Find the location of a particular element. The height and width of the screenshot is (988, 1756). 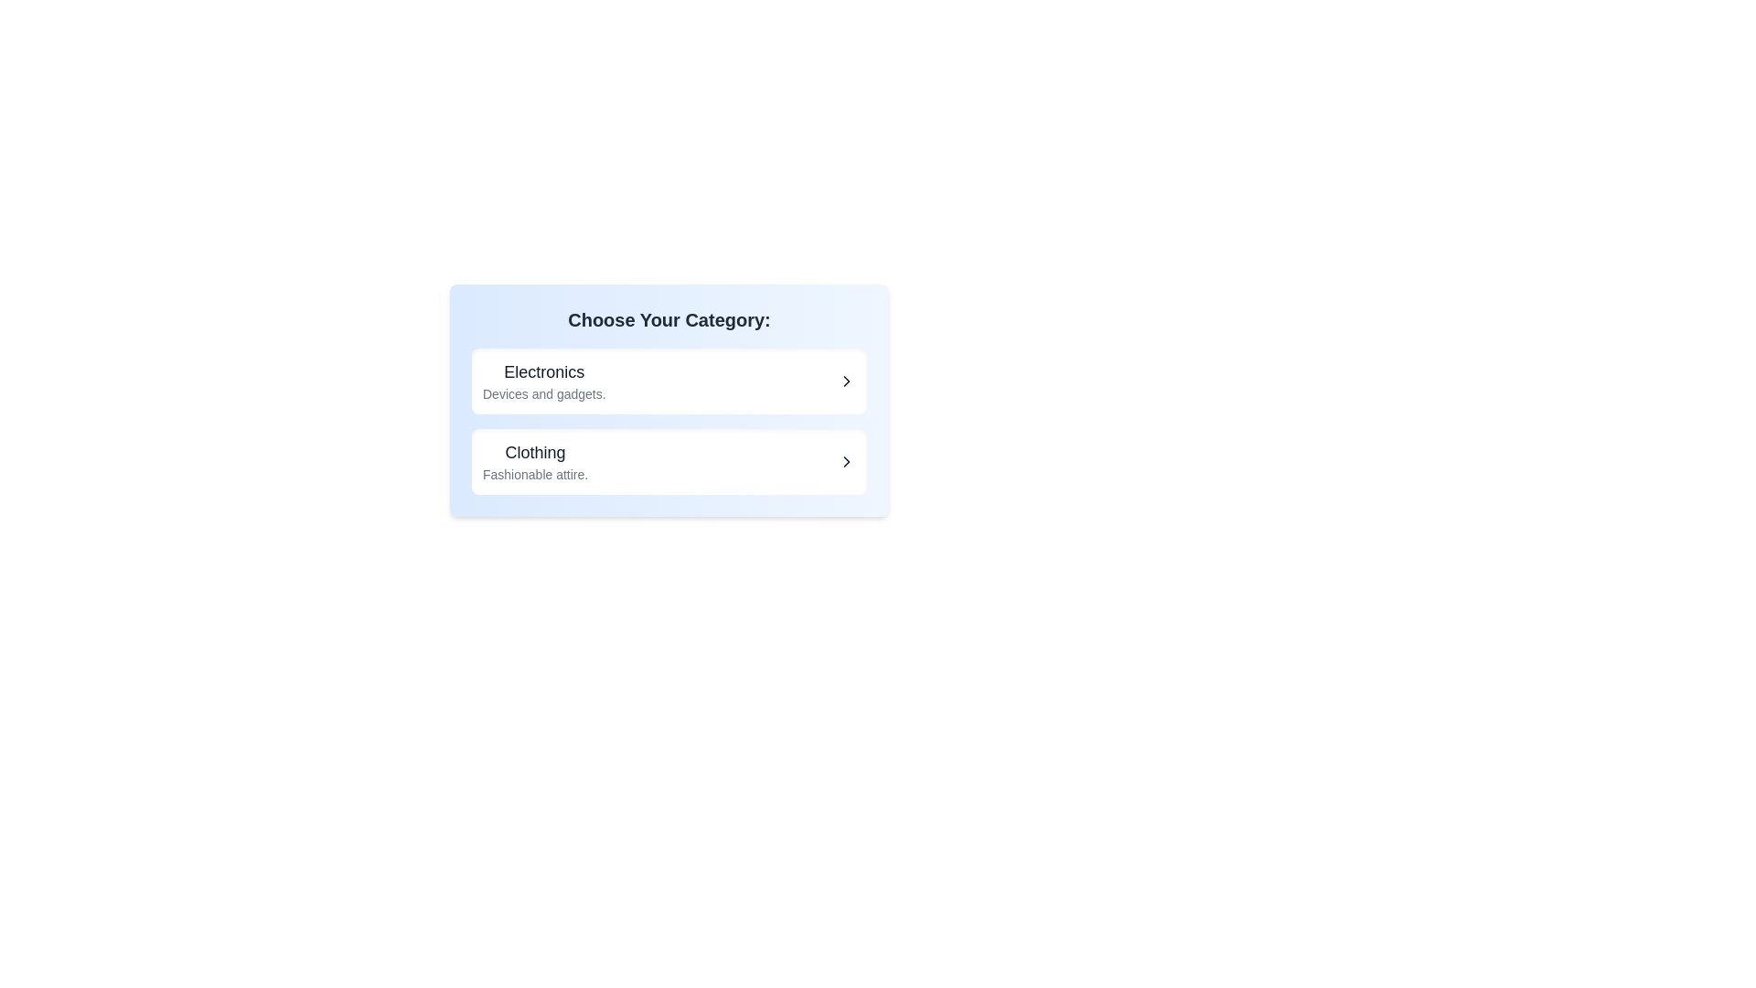

the chevron arrow icon located to the right of the 'Clothing' text is located at coordinates (846, 461).